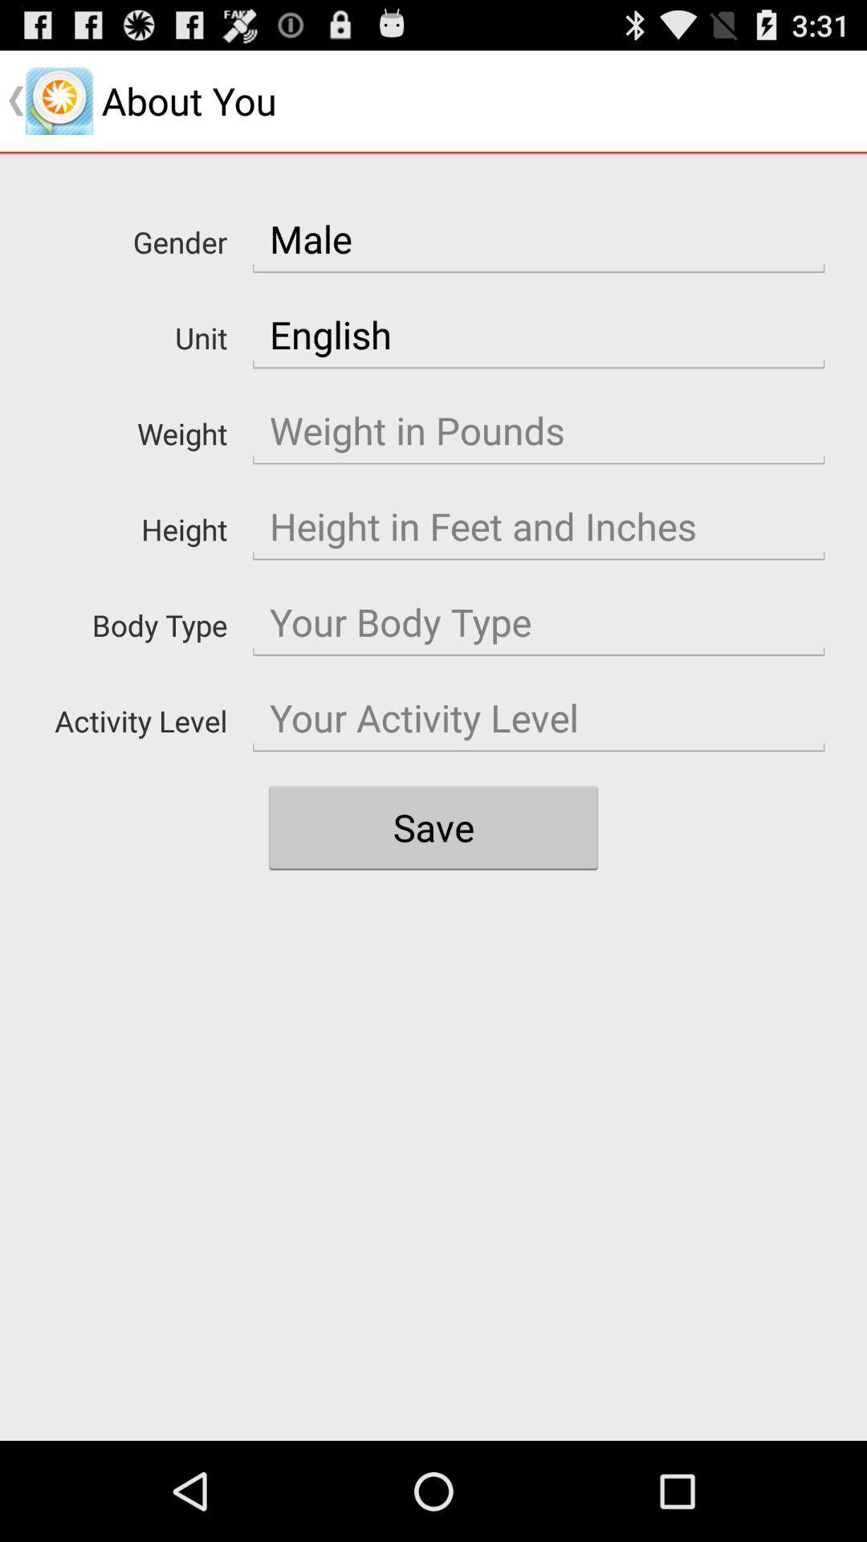  What do you see at coordinates (539, 622) in the screenshot?
I see `body type can be entered` at bounding box center [539, 622].